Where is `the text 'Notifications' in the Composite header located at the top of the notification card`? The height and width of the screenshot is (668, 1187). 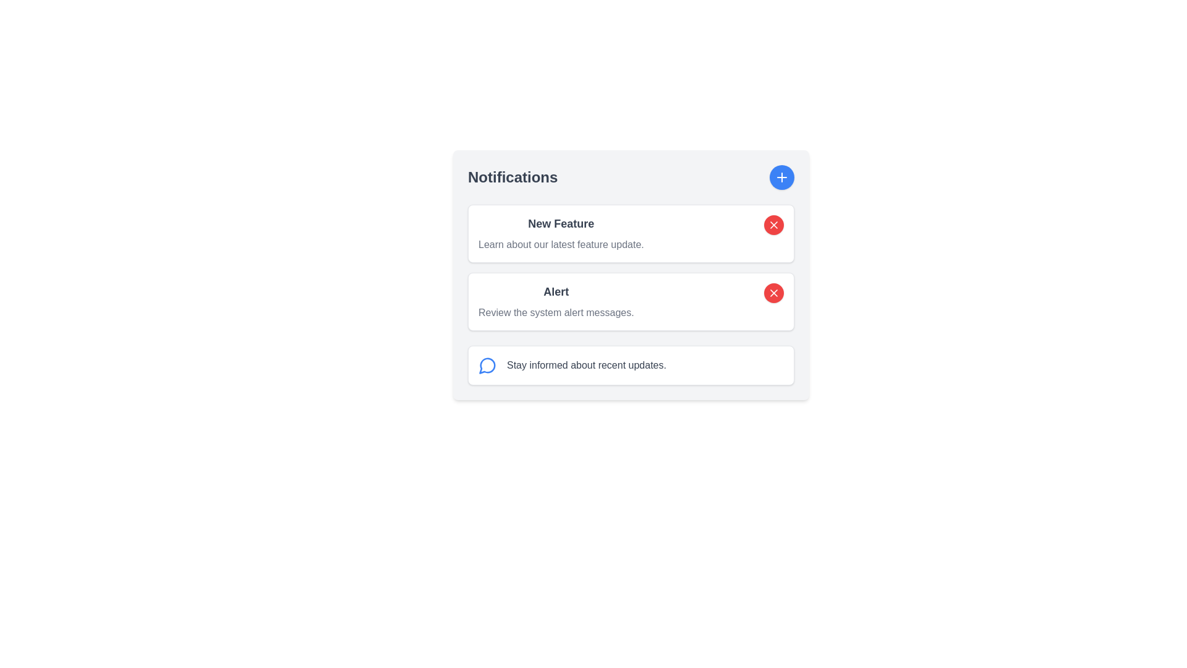 the text 'Notifications' in the Composite header located at the top of the notification card is located at coordinates (631, 177).